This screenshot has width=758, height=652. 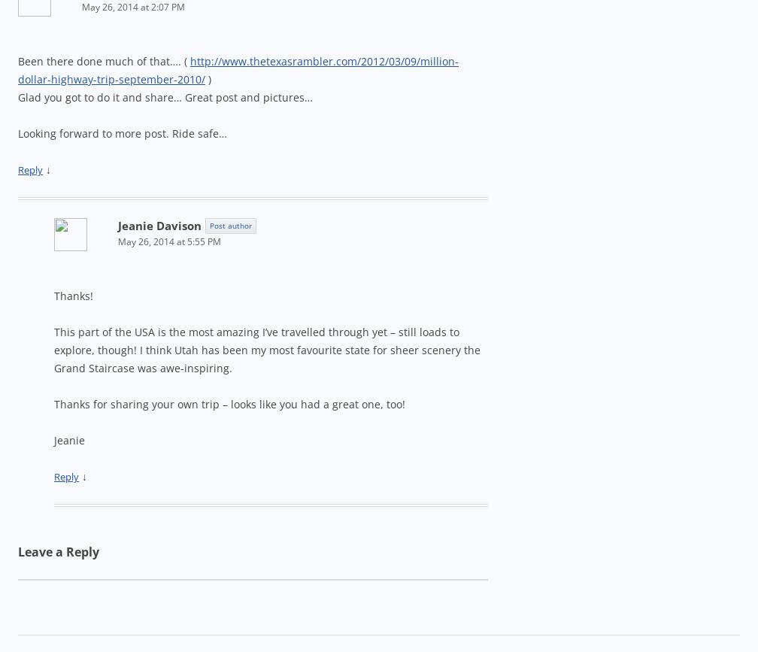 I want to click on 'Been there done much of that…. (', so click(x=17, y=61).